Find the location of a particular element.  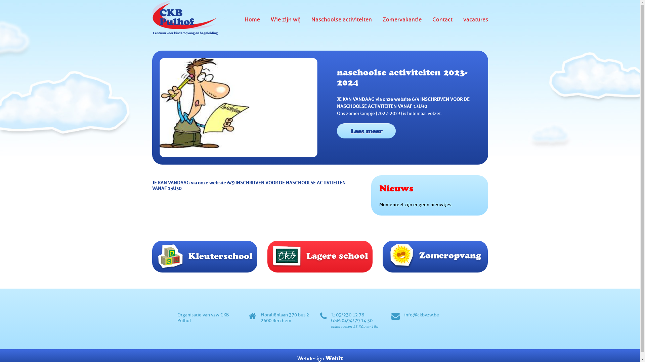

'Home' is located at coordinates (252, 19).